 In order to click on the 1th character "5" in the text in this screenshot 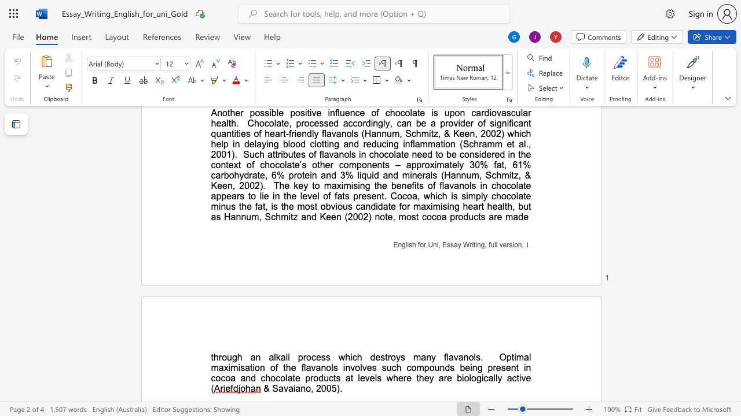, I will do `click(333, 388)`.